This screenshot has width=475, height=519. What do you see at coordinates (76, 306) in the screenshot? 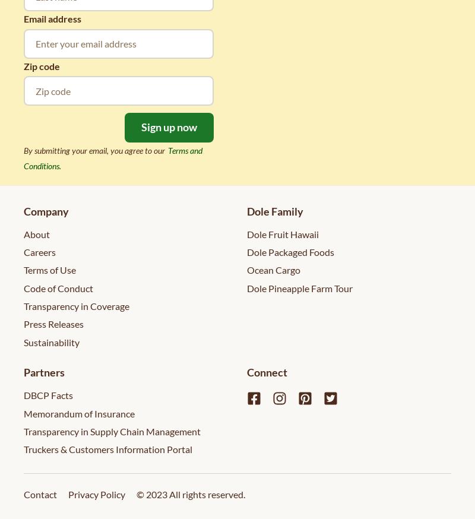
I see `'Transparency in Coverage'` at bounding box center [76, 306].